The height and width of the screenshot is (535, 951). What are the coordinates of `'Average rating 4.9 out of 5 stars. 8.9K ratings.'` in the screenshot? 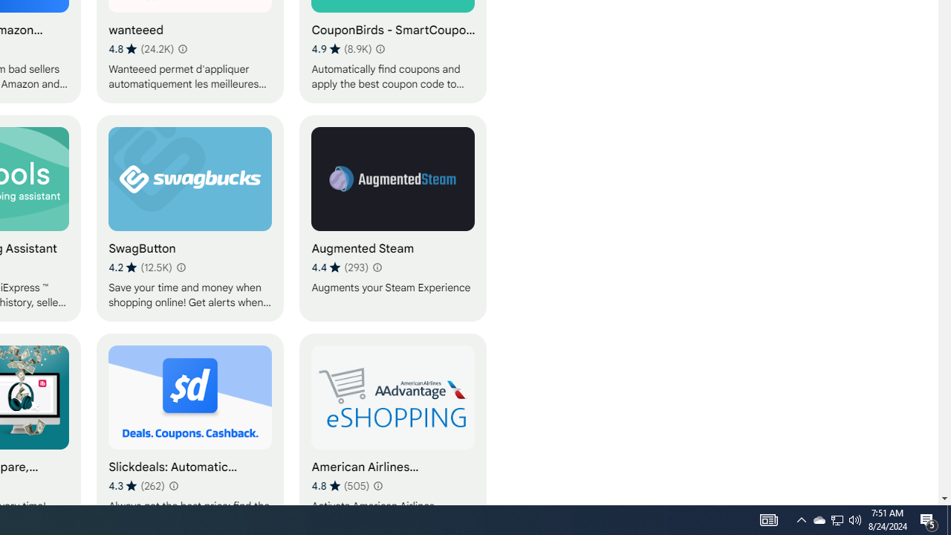 It's located at (340, 48).